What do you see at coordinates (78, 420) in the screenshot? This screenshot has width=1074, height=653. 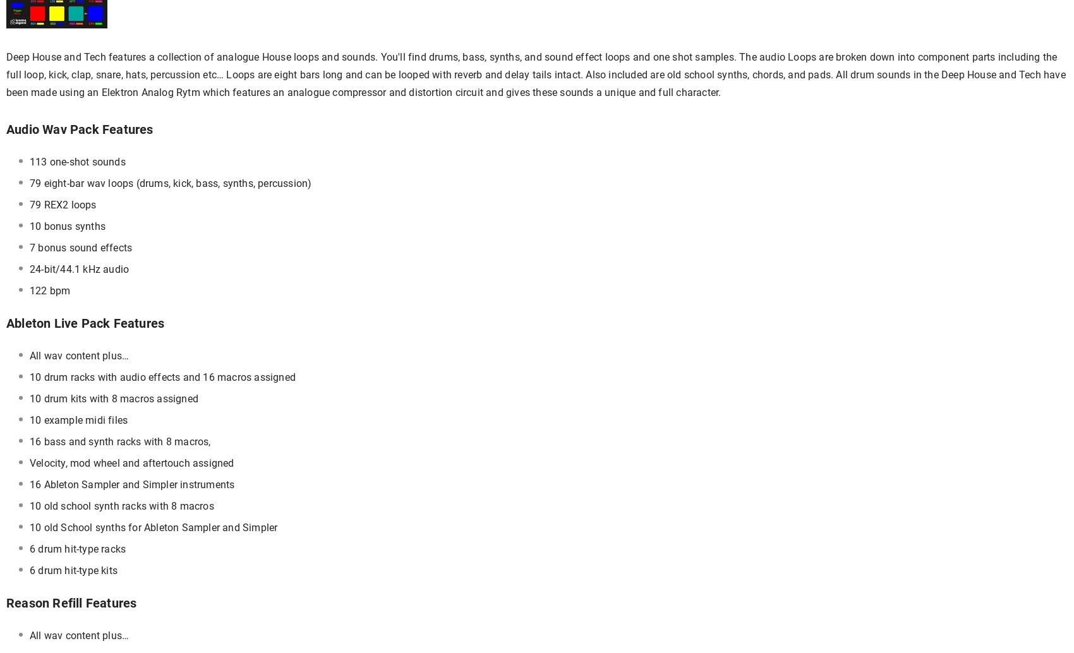 I see `'10 example midi files'` at bounding box center [78, 420].